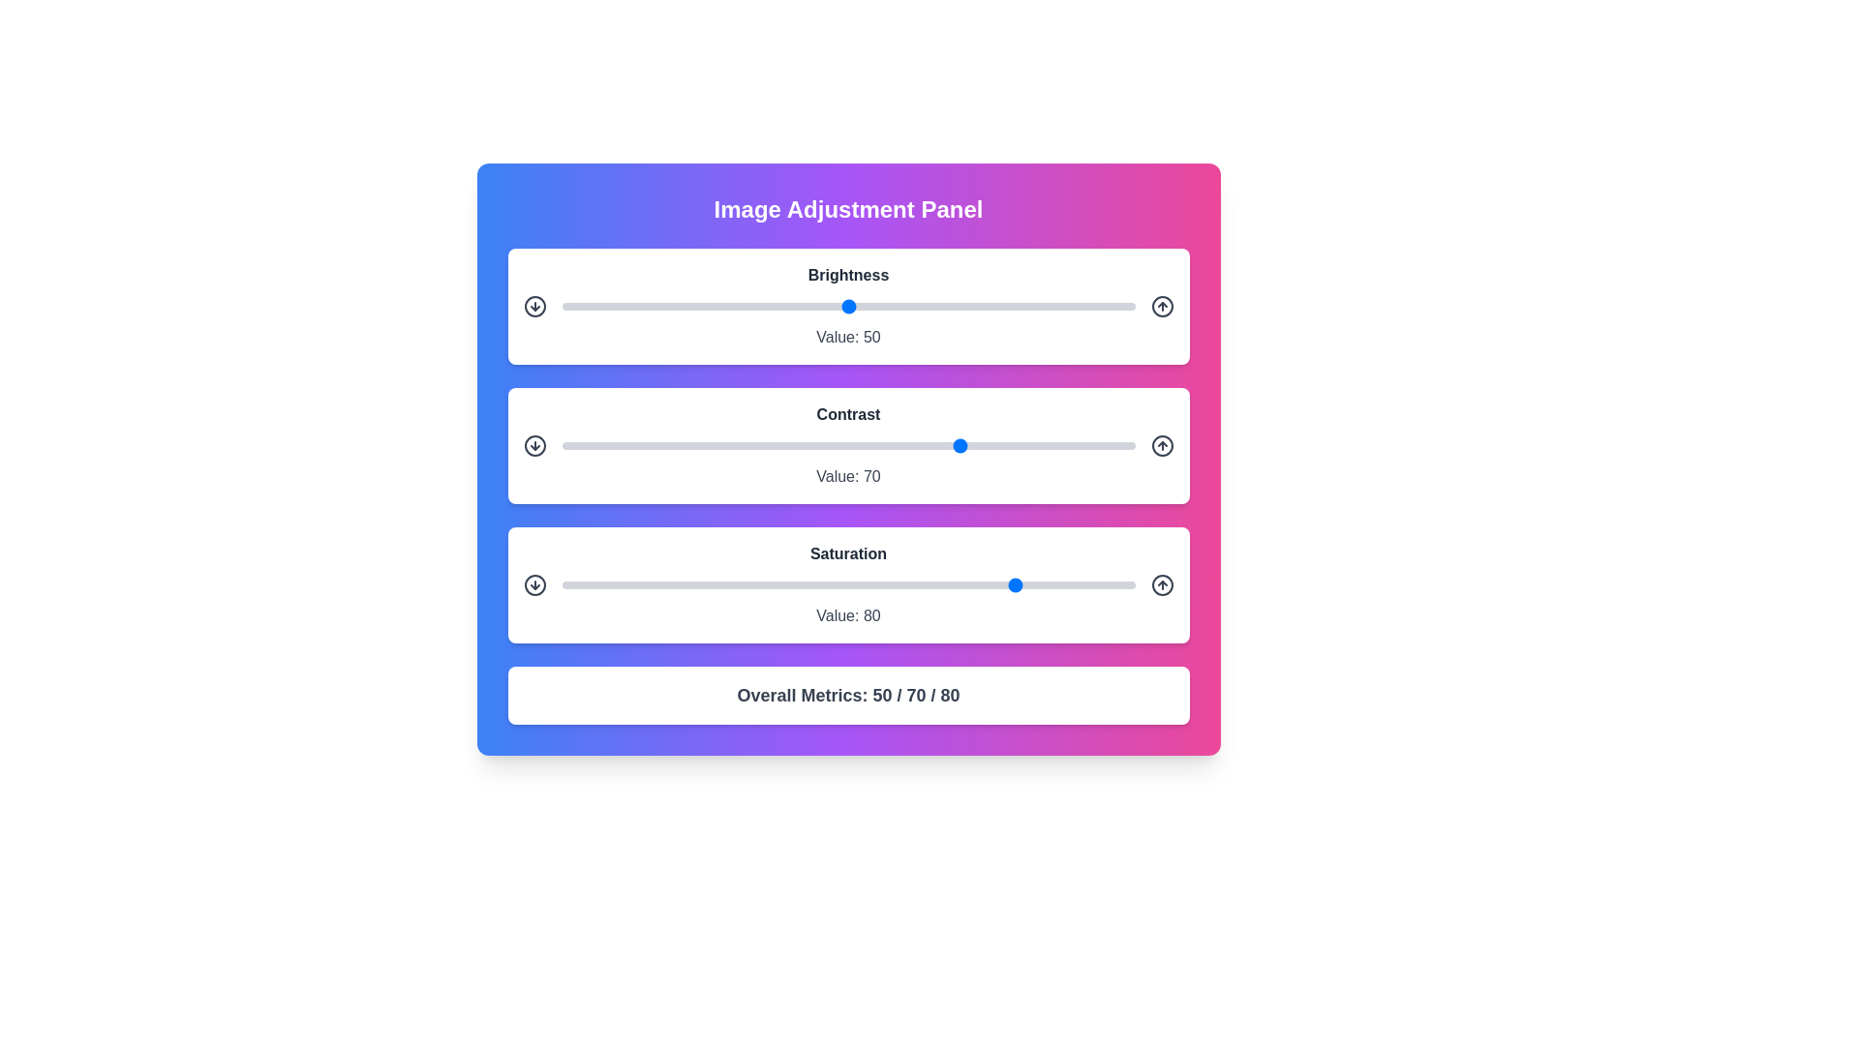  Describe the element at coordinates (534, 446) in the screenshot. I see `the downward-pointing arrow icon framed inside a circle, located in the 'Contrast' section of the image adjustment panel` at that location.